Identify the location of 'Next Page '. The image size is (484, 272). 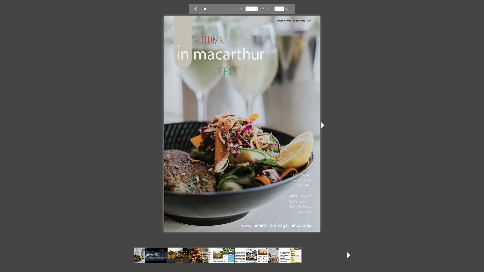
(268, 9).